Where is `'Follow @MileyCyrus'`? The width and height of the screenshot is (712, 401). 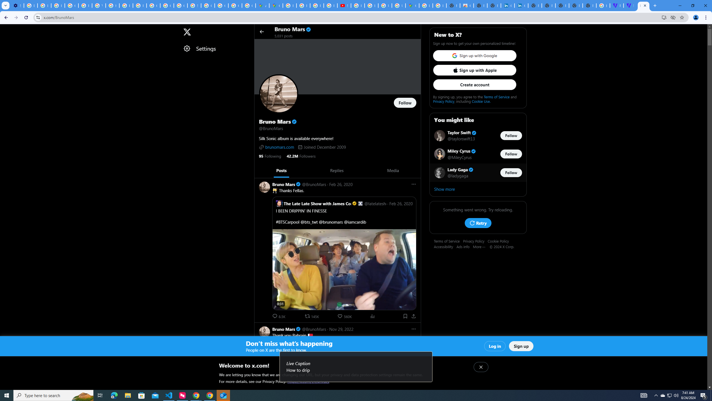
'Follow @MileyCyrus' is located at coordinates (511, 154).